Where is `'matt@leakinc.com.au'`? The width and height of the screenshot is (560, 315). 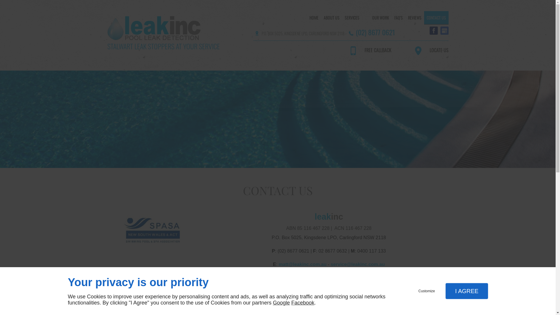
'matt@leakinc.com.au' is located at coordinates (302, 264).